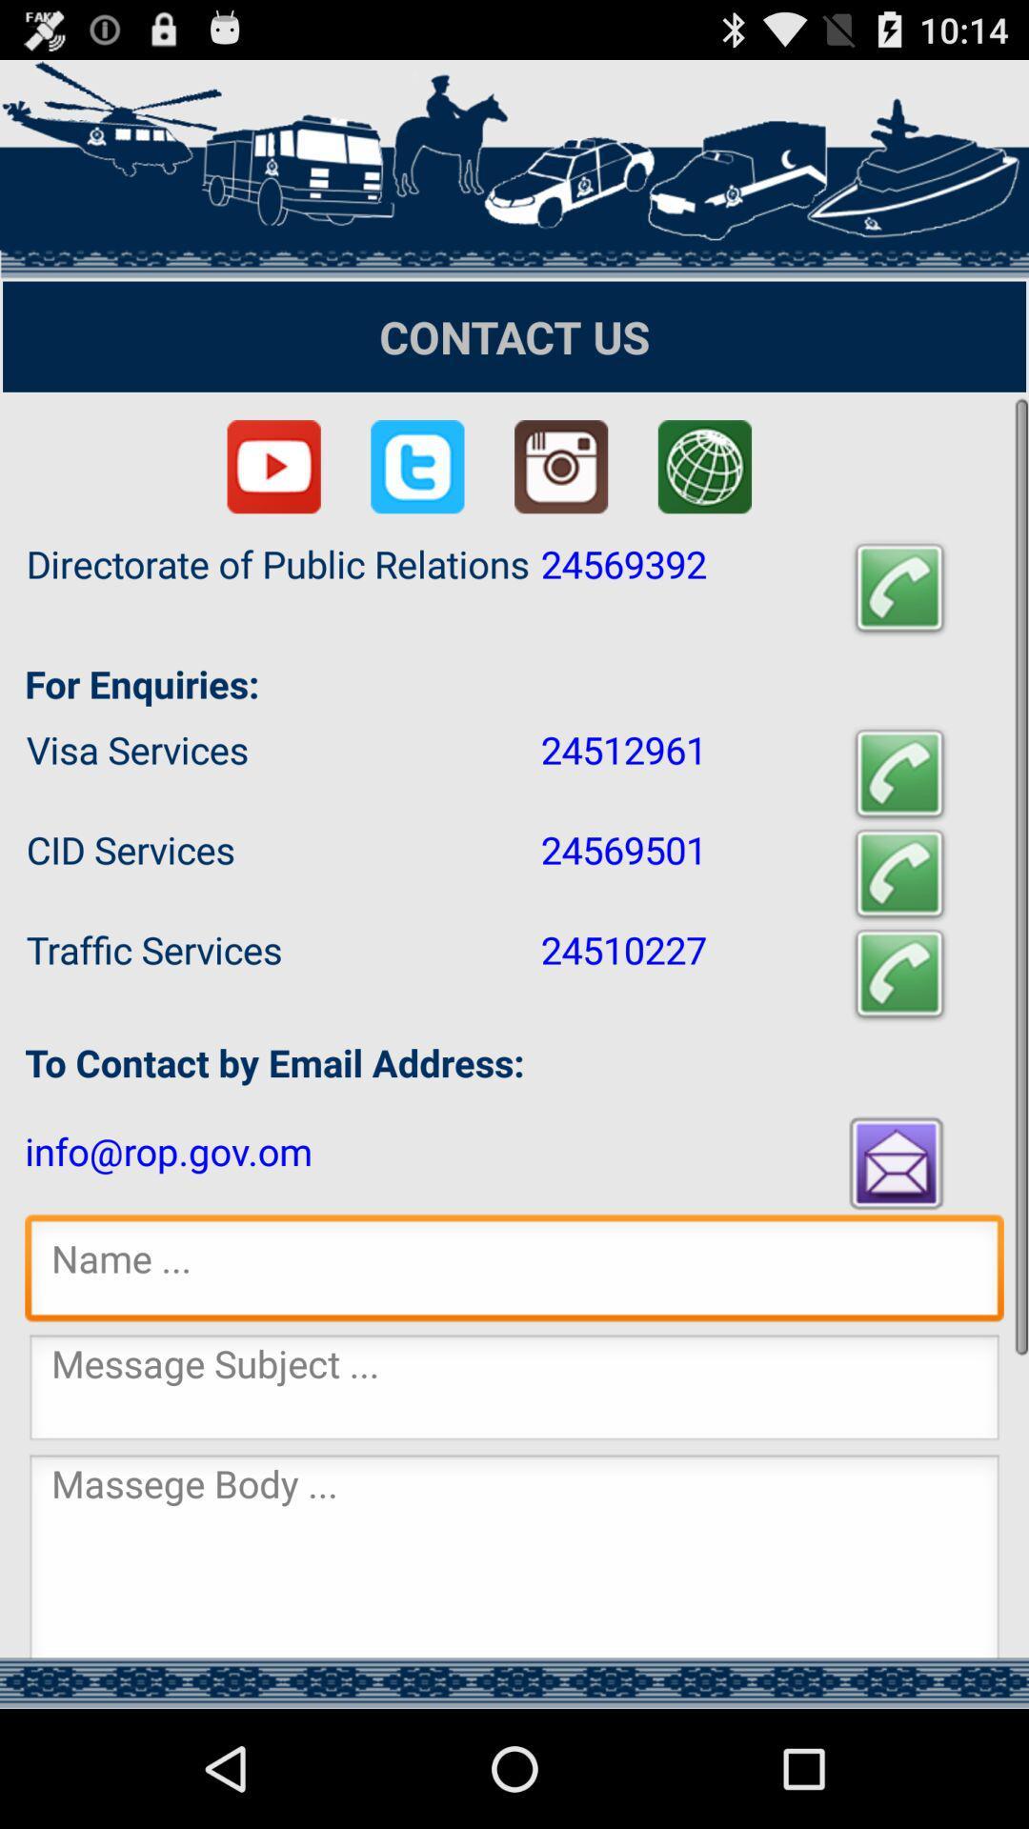 The height and width of the screenshot is (1829, 1029). Describe the element at coordinates (514, 1273) in the screenshot. I see `name` at that location.